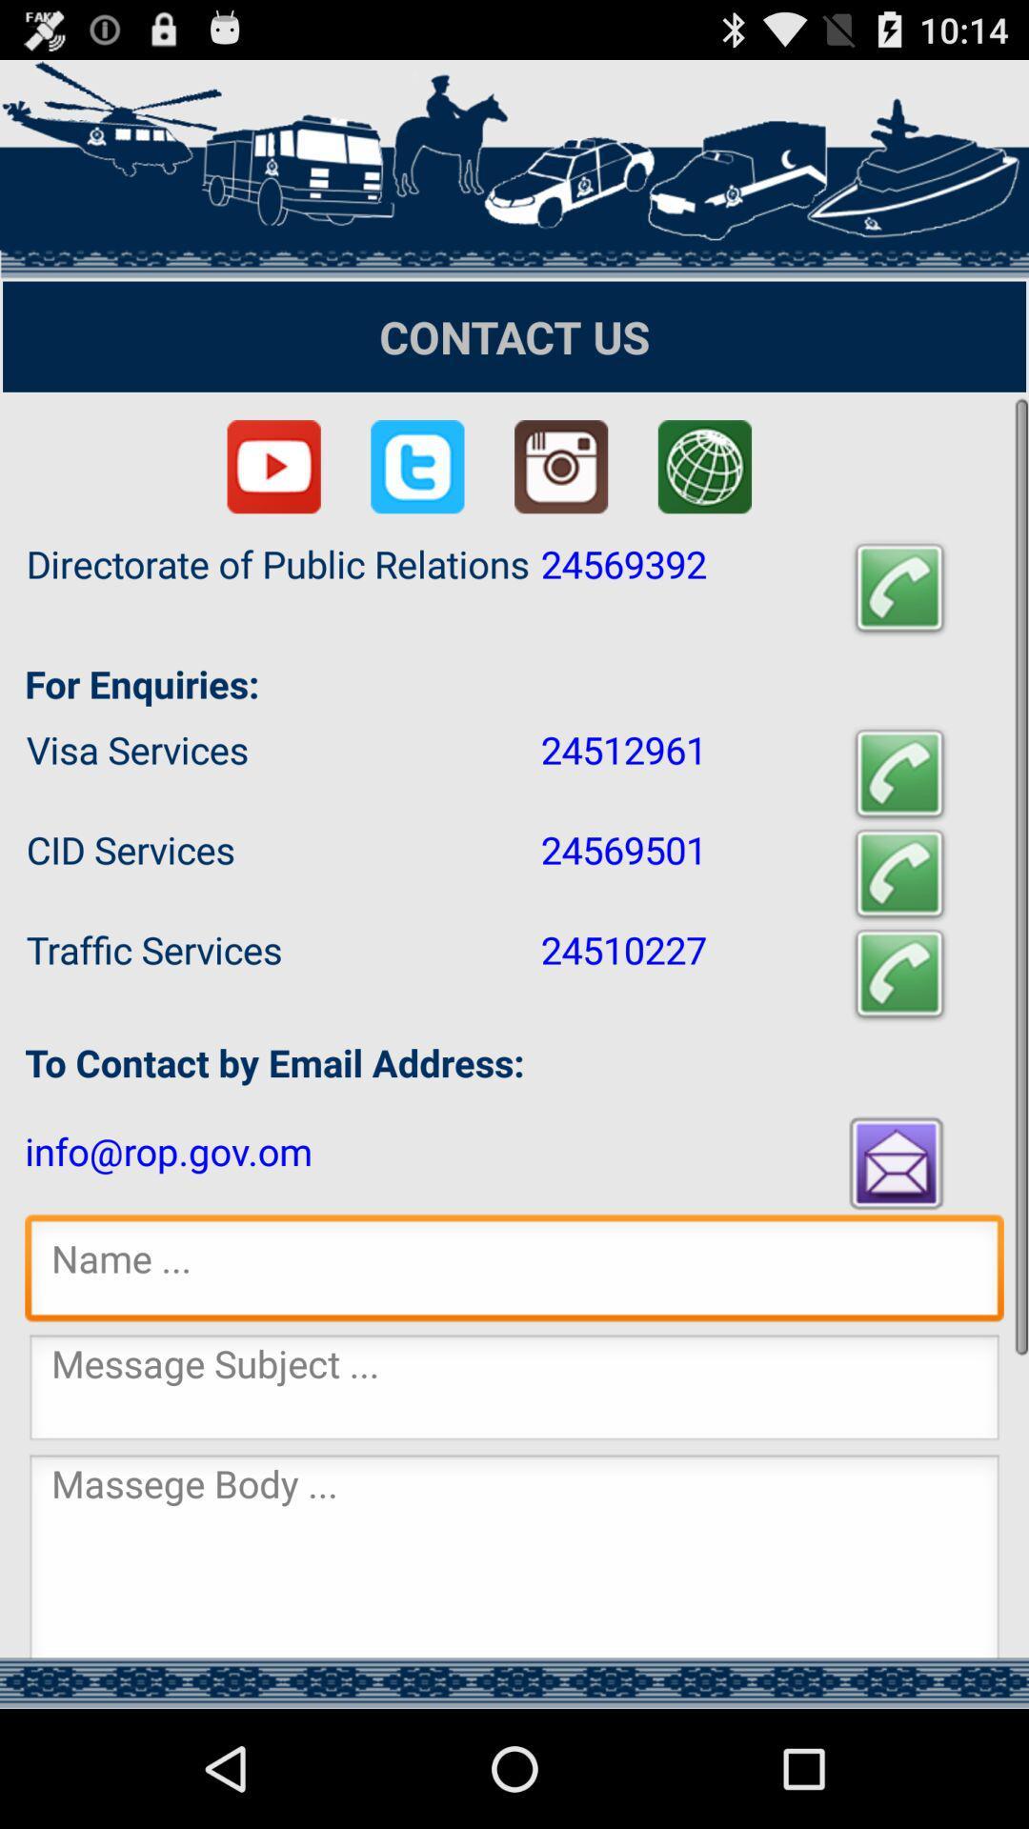 The height and width of the screenshot is (1829, 1029). Describe the element at coordinates (514, 1273) in the screenshot. I see `name` at that location.